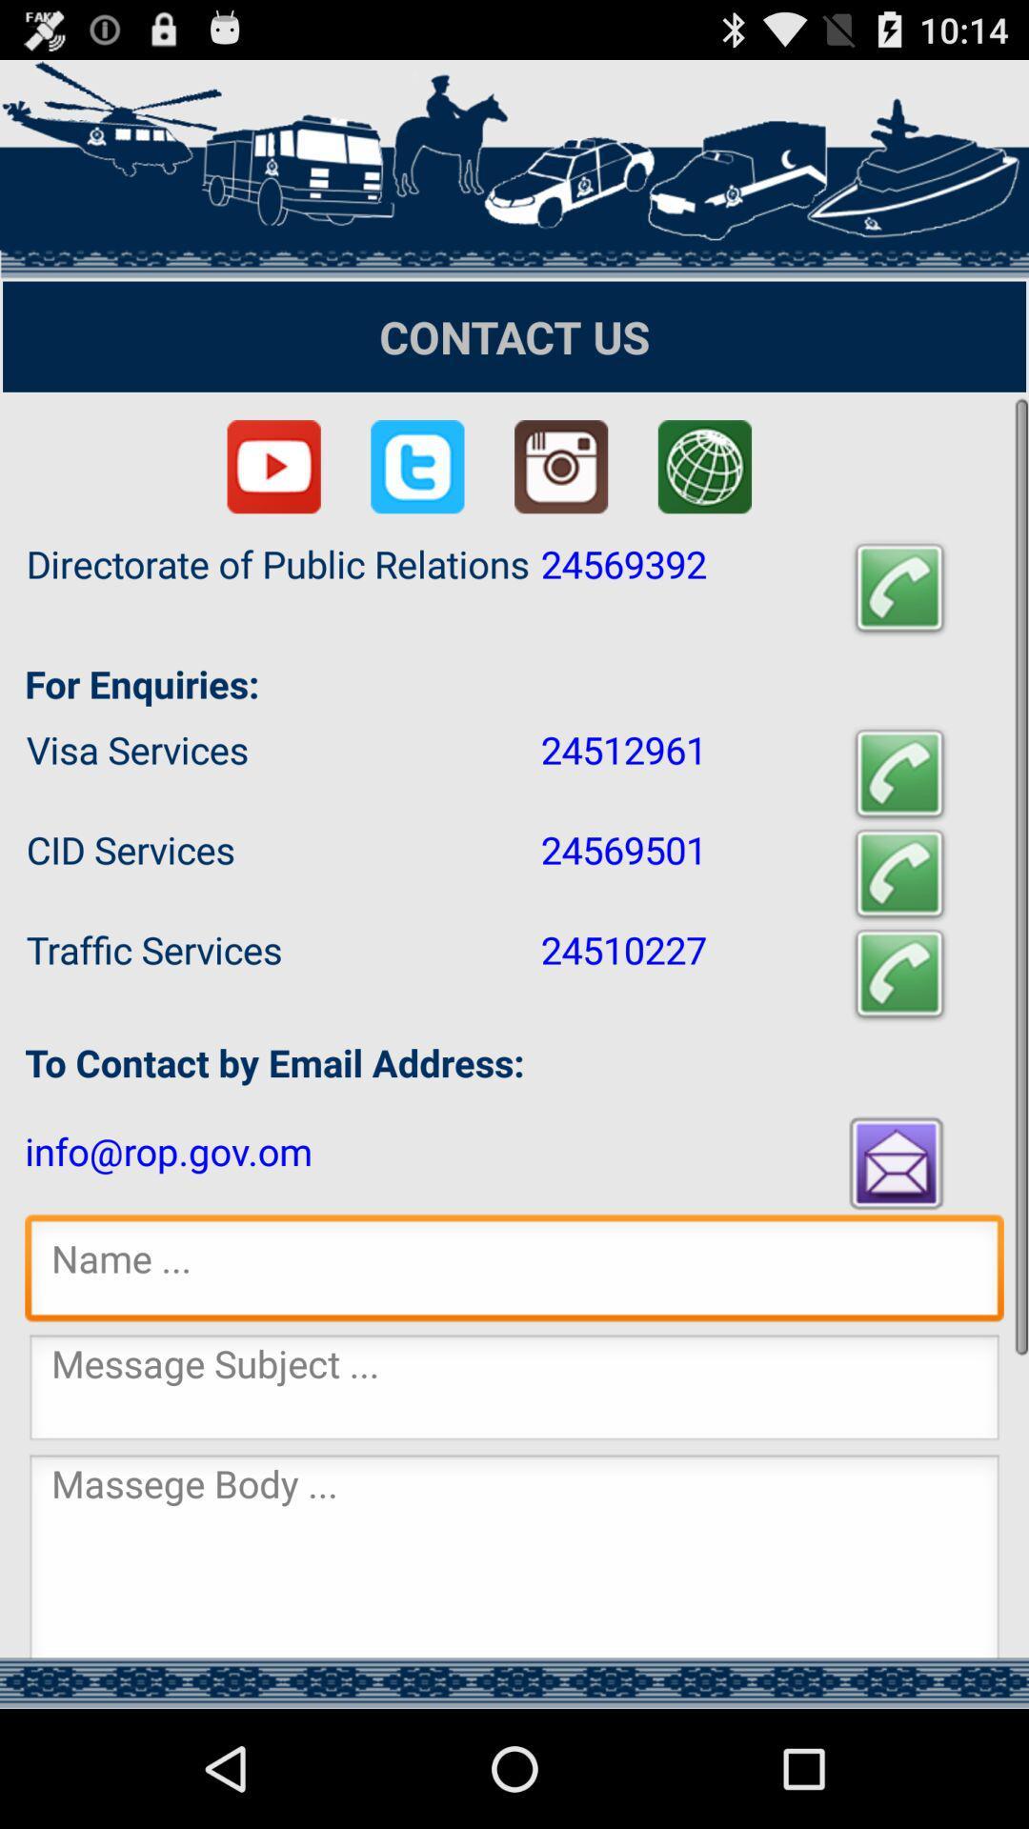 The height and width of the screenshot is (1829, 1029). Describe the element at coordinates (514, 1273) in the screenshot. I see `name` at that location.